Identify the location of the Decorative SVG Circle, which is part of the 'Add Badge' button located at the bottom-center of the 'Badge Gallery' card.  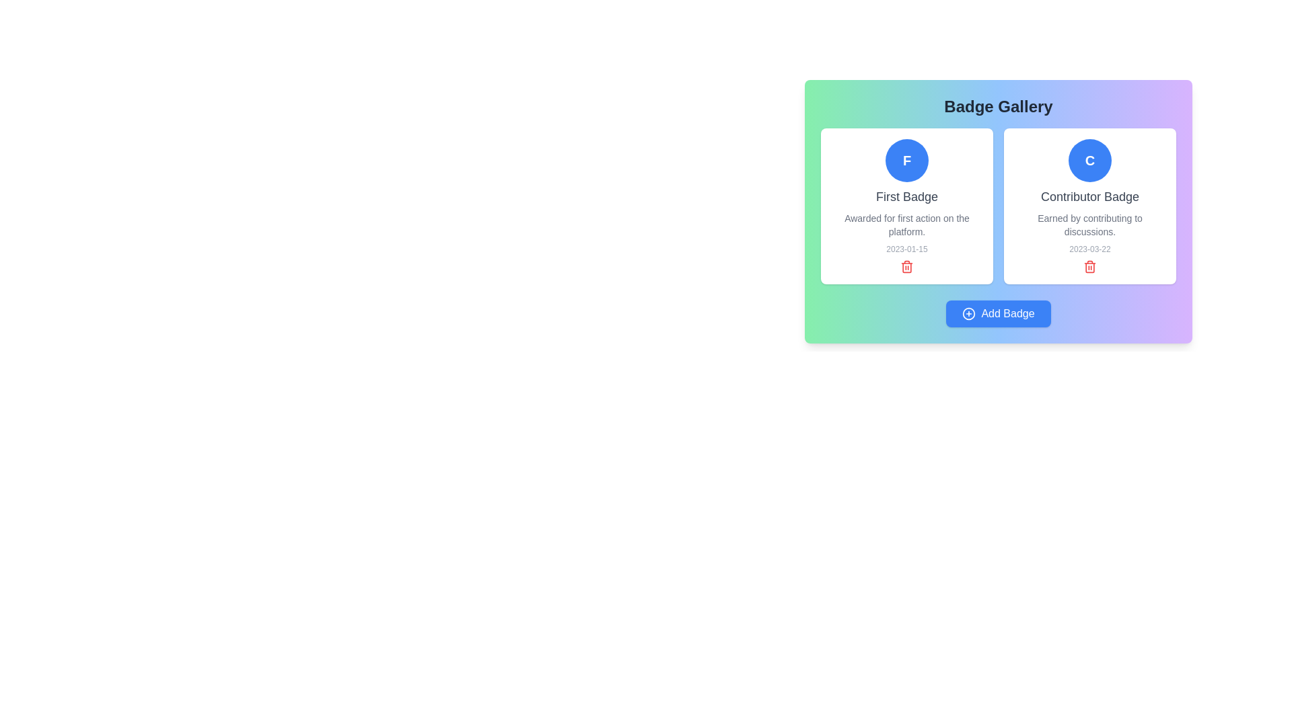
(969, 313).